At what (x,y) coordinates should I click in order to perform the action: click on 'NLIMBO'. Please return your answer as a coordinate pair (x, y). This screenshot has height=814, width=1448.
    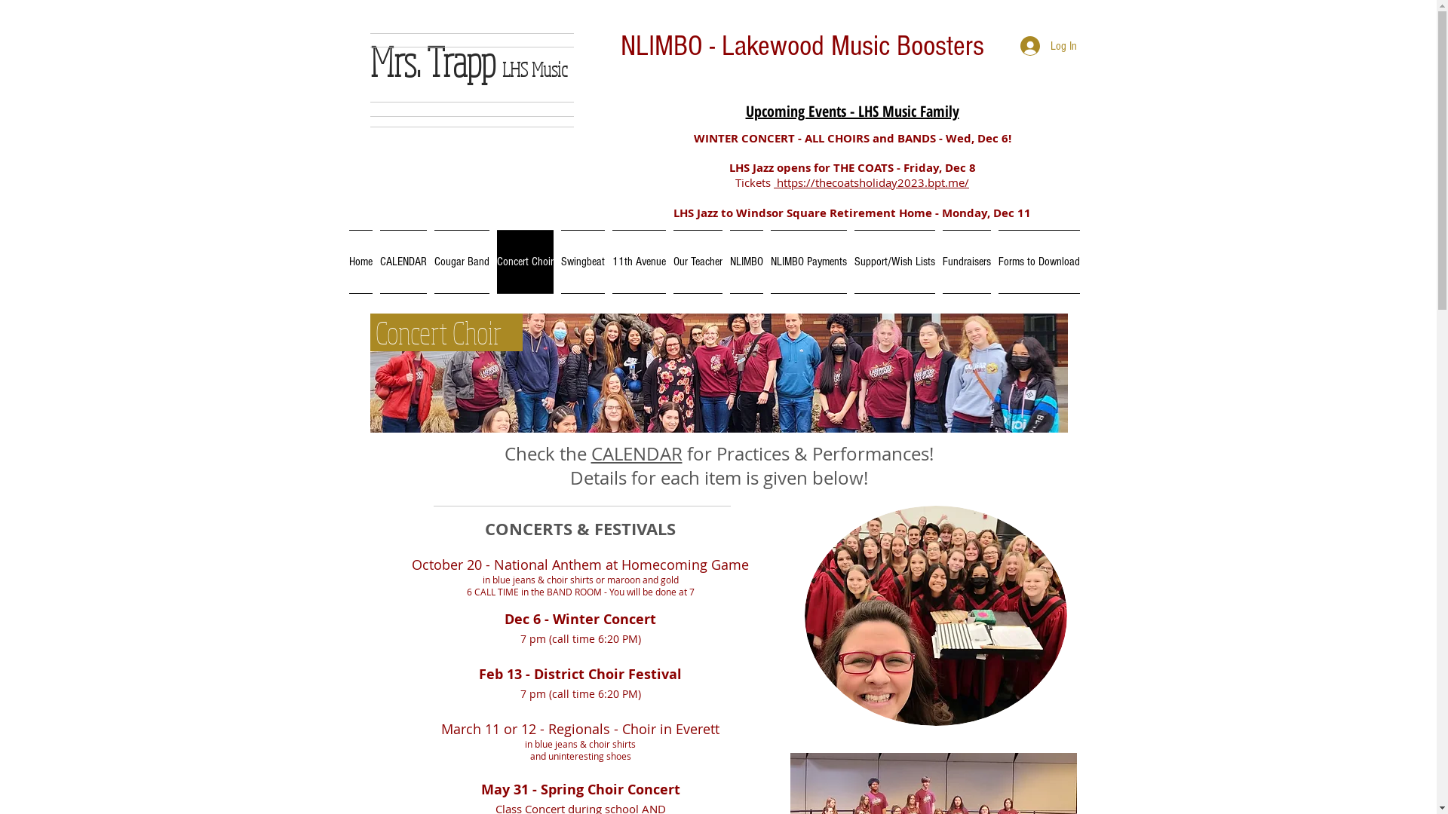
    Looking at the image, I should click on (725, 261).